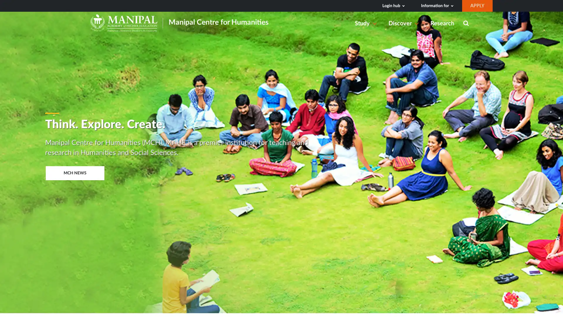  I want to click on MCH NEWS OPENS IN NEW TAB, so click(74, 173).